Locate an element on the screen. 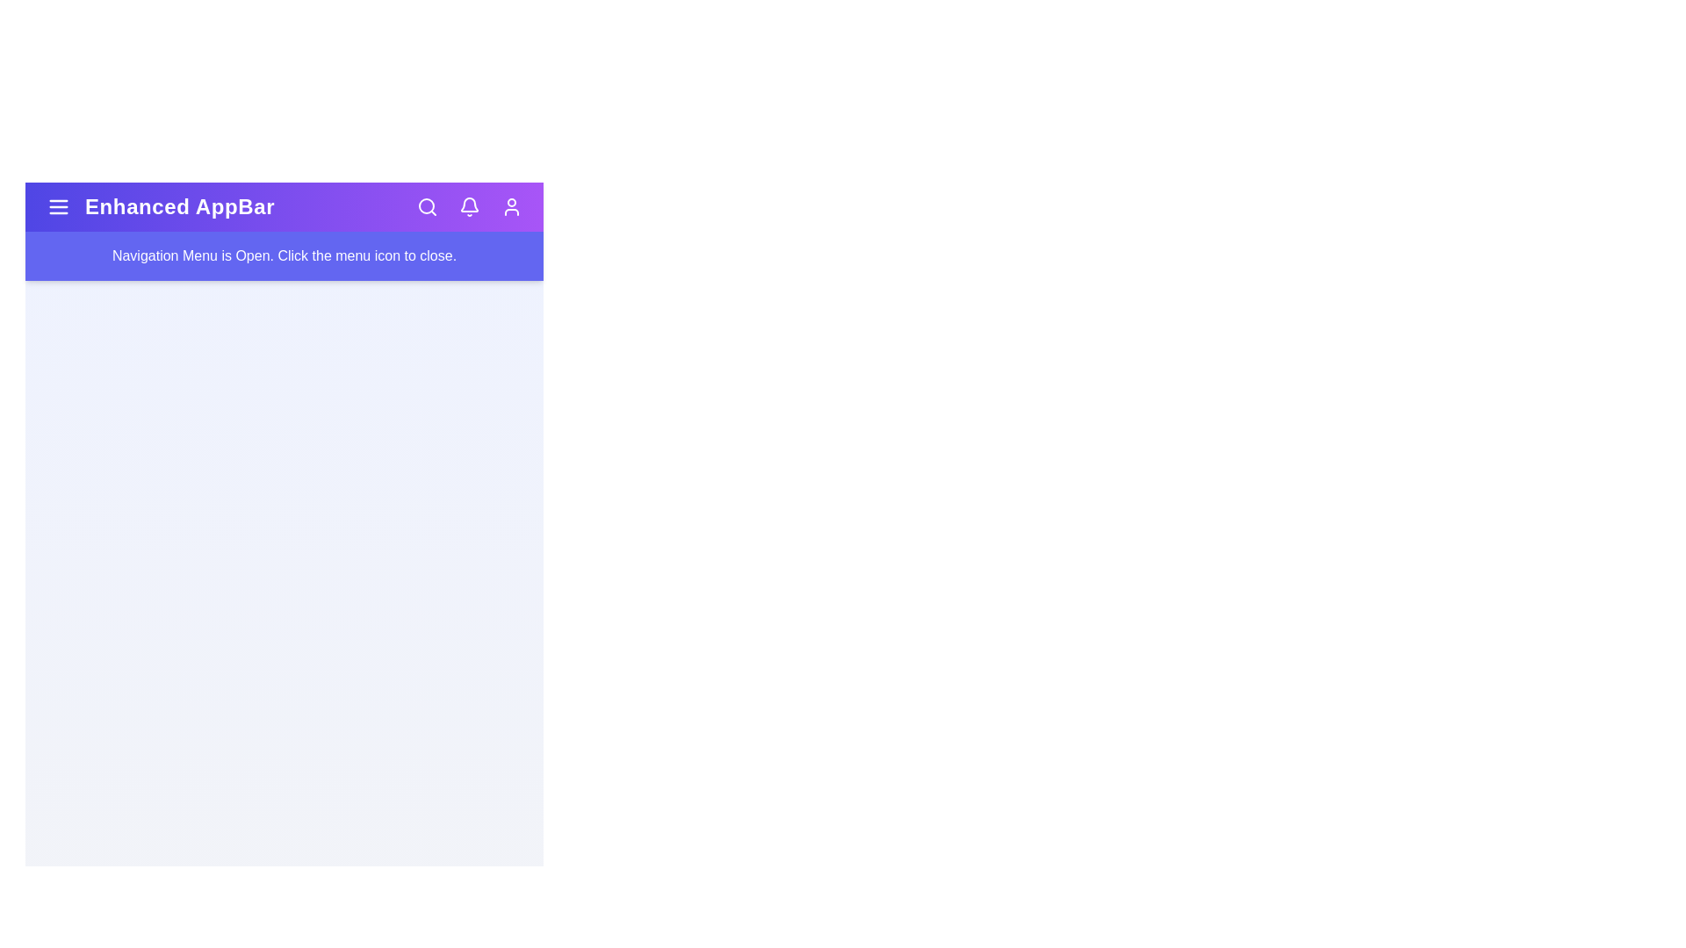  the menu icon to toggle the navigation menu is located at coordinates (59, 205).